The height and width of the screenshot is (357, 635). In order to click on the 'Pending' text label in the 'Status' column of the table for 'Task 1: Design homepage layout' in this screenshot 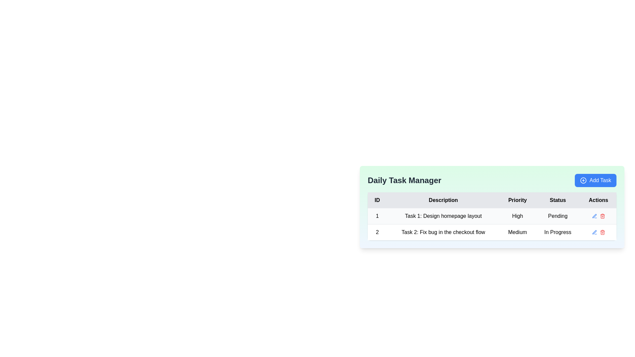, I will do `click(557, 216)`.